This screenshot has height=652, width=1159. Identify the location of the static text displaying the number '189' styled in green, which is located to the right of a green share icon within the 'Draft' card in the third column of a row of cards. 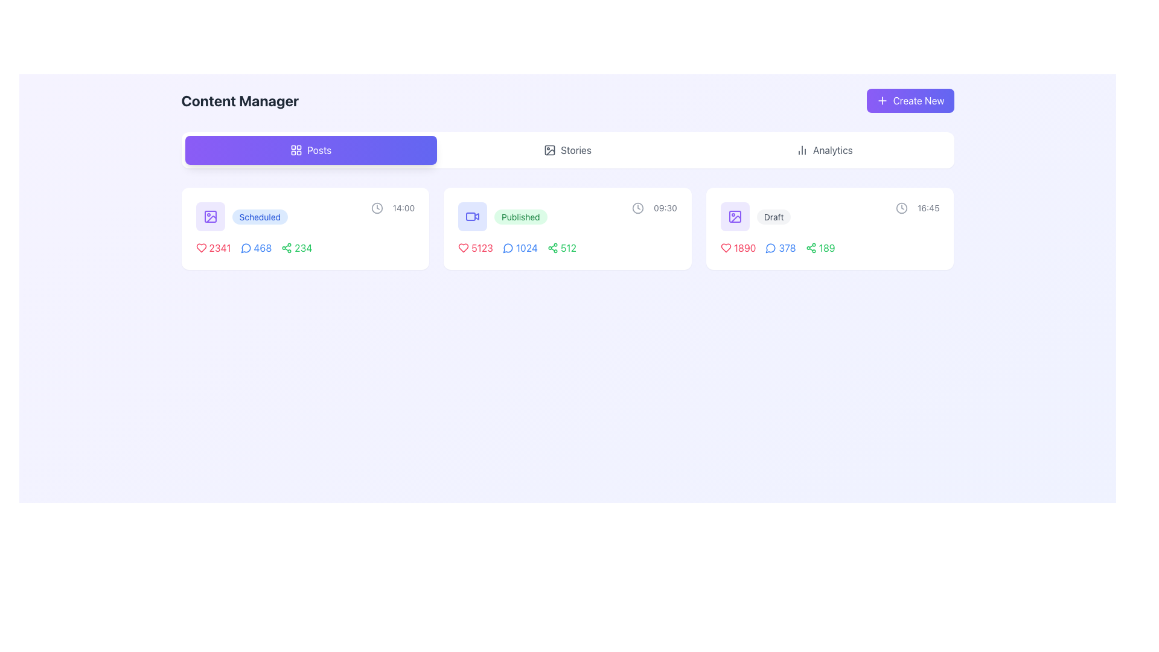
(826, 248).